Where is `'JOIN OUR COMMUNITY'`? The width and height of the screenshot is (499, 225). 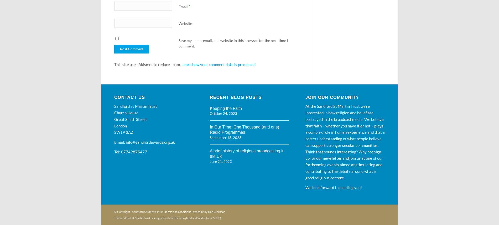
'JOIN OUR COMMUNITY' is located at coordinates (332, 97).